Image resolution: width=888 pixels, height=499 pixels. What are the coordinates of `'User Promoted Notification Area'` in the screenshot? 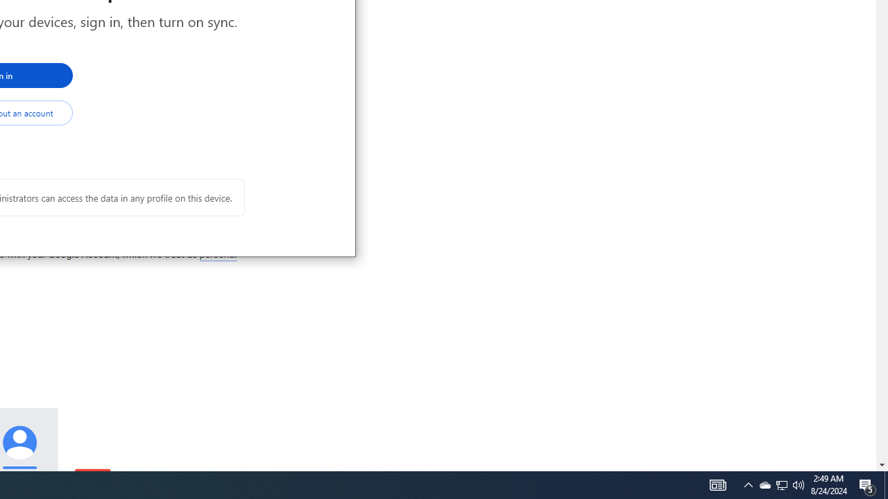 It's located at (782, 484).